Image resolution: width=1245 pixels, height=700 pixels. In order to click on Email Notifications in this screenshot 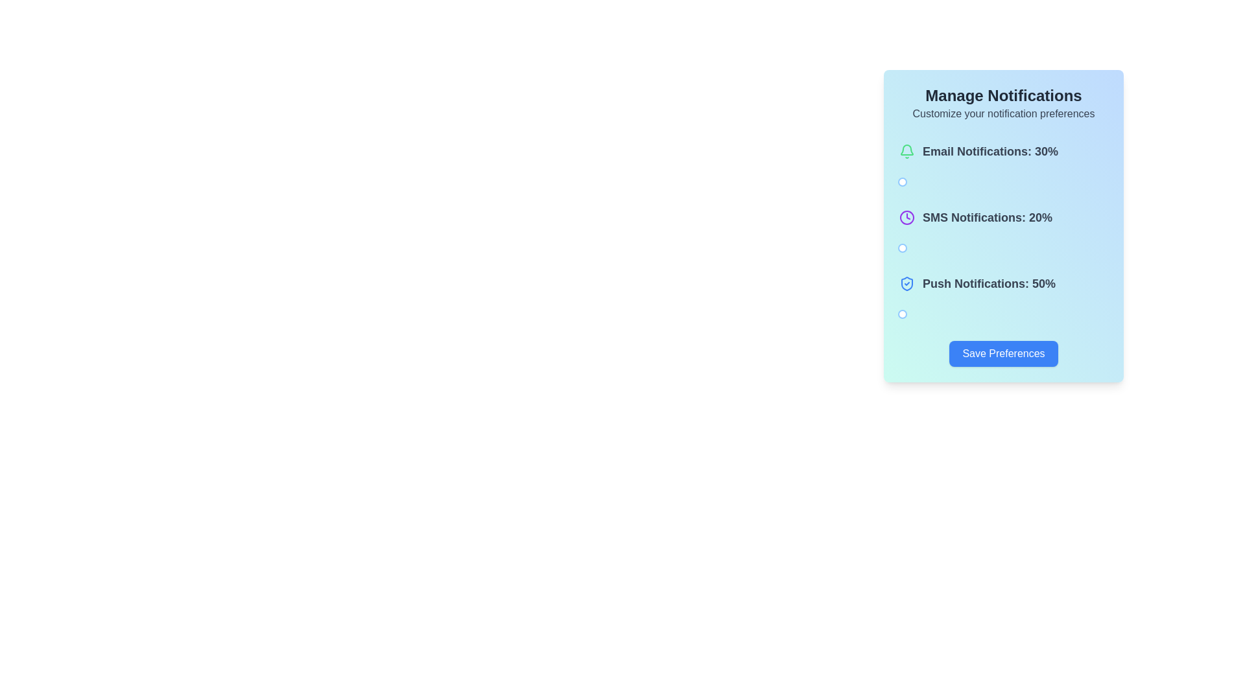, I will do `click(938, 182)`.